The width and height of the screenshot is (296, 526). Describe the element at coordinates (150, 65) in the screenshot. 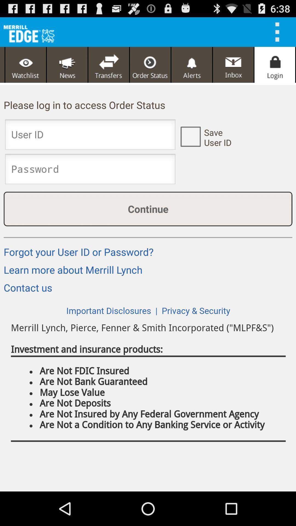

I see `order status` at that location.